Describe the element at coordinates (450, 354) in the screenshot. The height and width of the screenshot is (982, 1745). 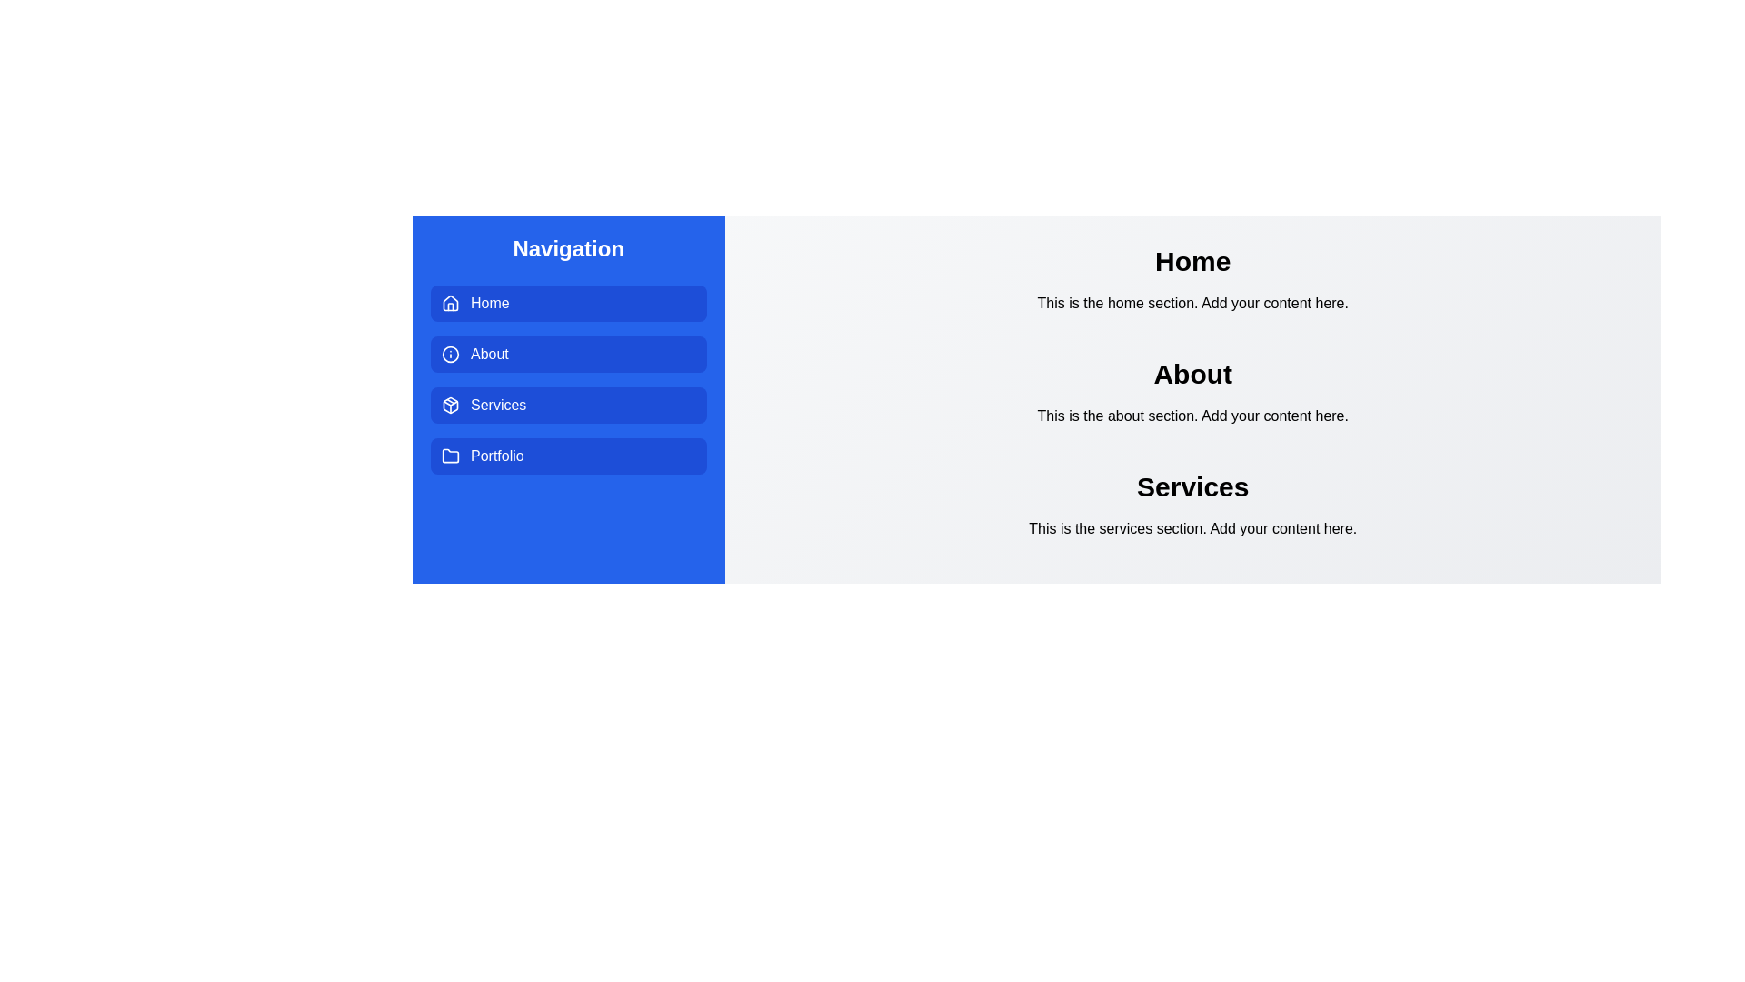
I see `the SVG Circle Element that represents the 'About' navigation menu option, located in the left-side navigation bar` at that location.